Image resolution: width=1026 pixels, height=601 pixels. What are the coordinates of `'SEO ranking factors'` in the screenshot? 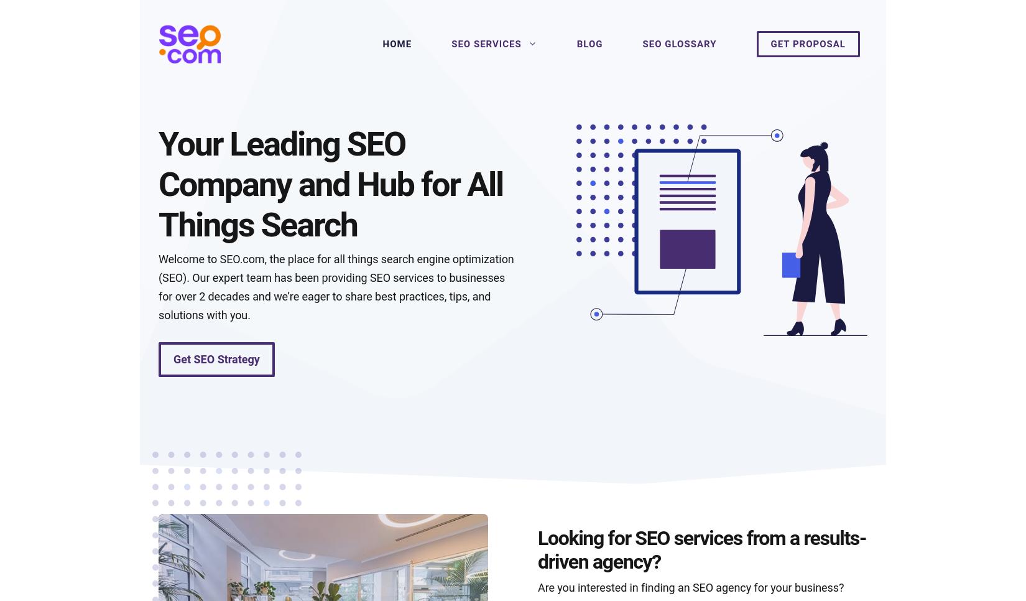 It's located at (595, 348).